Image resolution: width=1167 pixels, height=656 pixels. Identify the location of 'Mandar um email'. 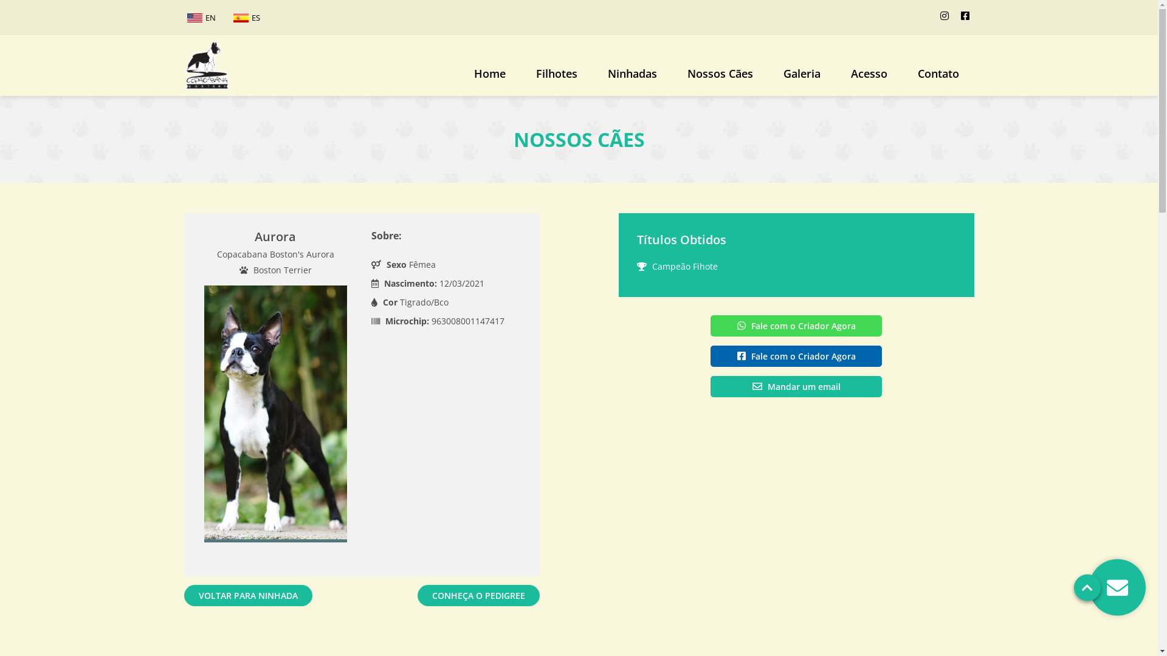
(796, 386).